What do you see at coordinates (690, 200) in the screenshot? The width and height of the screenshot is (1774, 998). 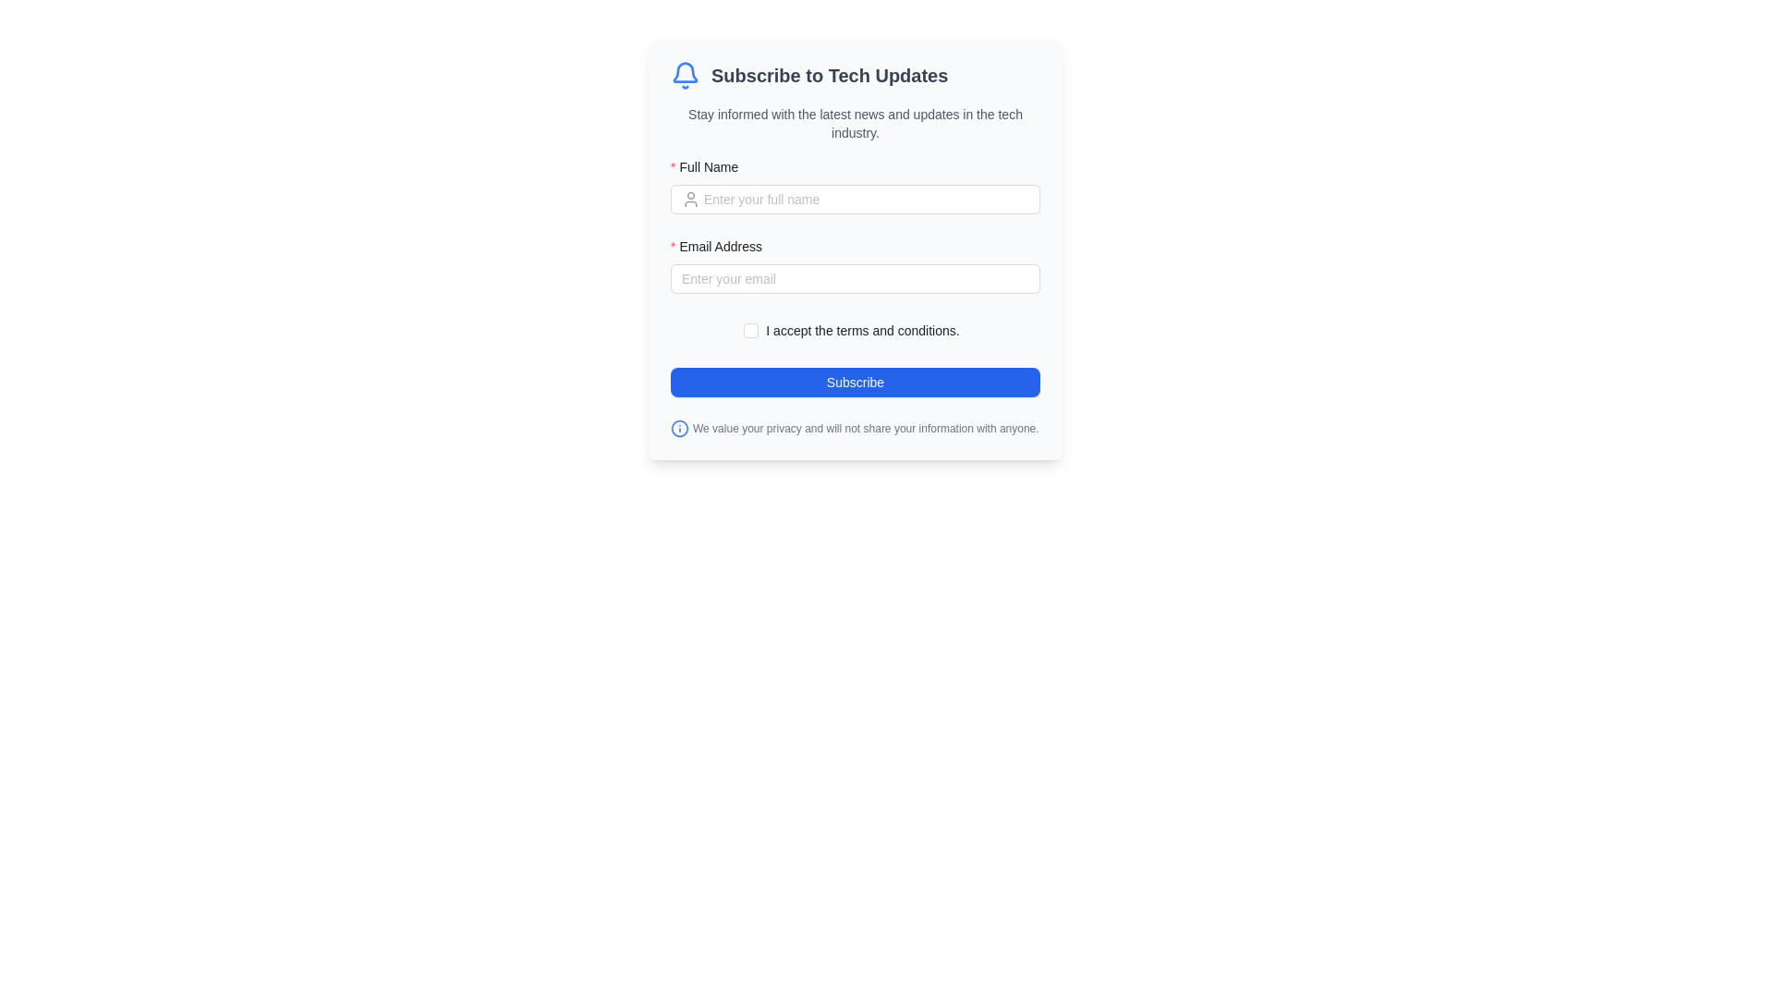 I see `the gray stylized user silhouette icon located to the left of the 'Full Name' text input field in the prefix area` at bounding box center [690, 200].